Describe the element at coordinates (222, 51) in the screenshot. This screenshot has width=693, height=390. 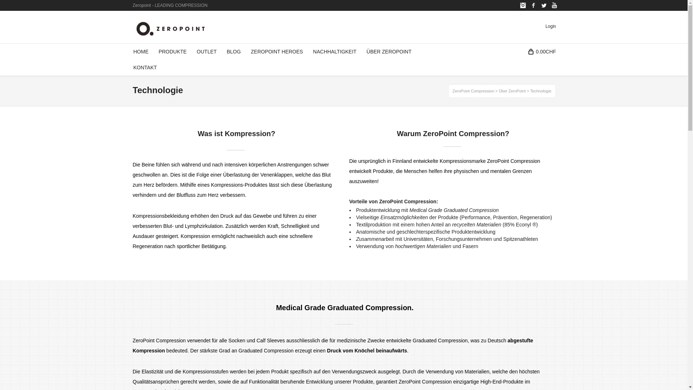
I see `'BLOG'` at that location.